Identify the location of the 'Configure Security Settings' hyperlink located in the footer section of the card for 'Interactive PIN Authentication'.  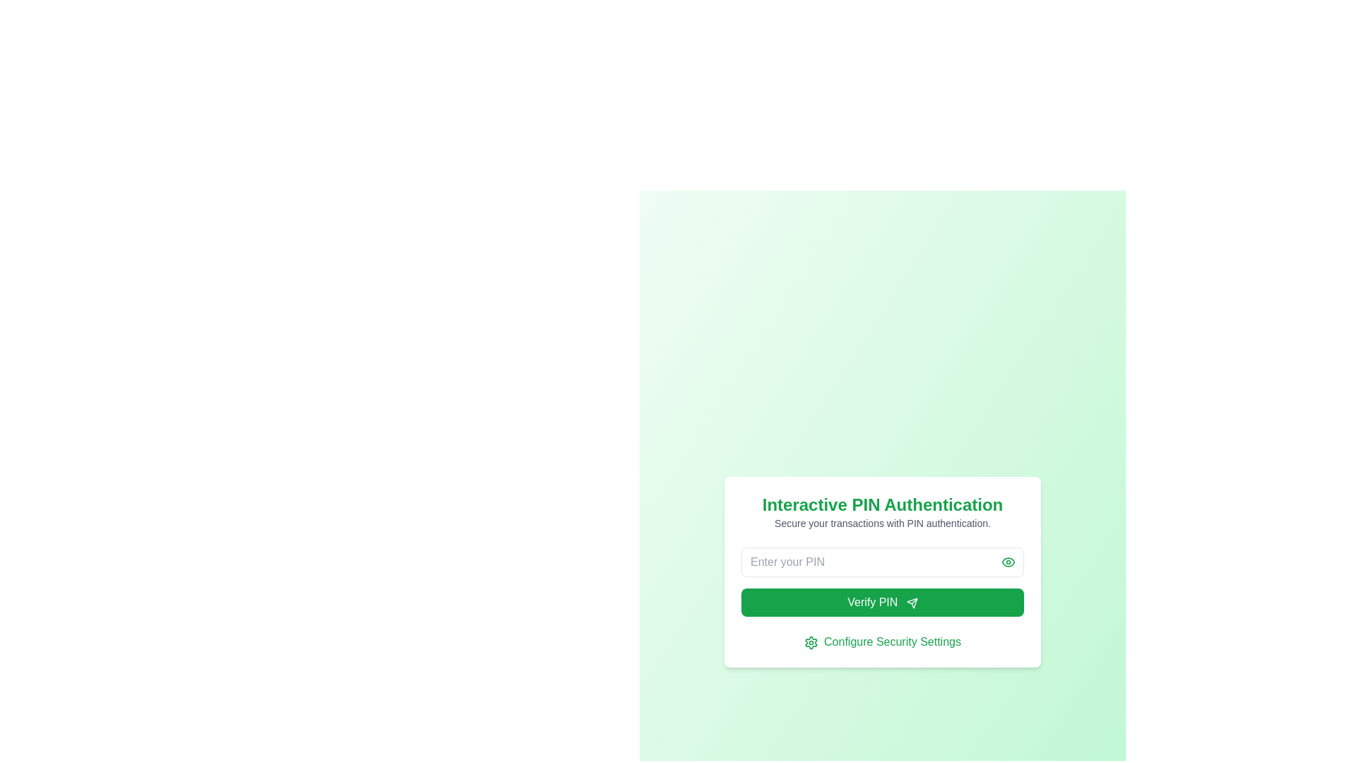
(891, 641).